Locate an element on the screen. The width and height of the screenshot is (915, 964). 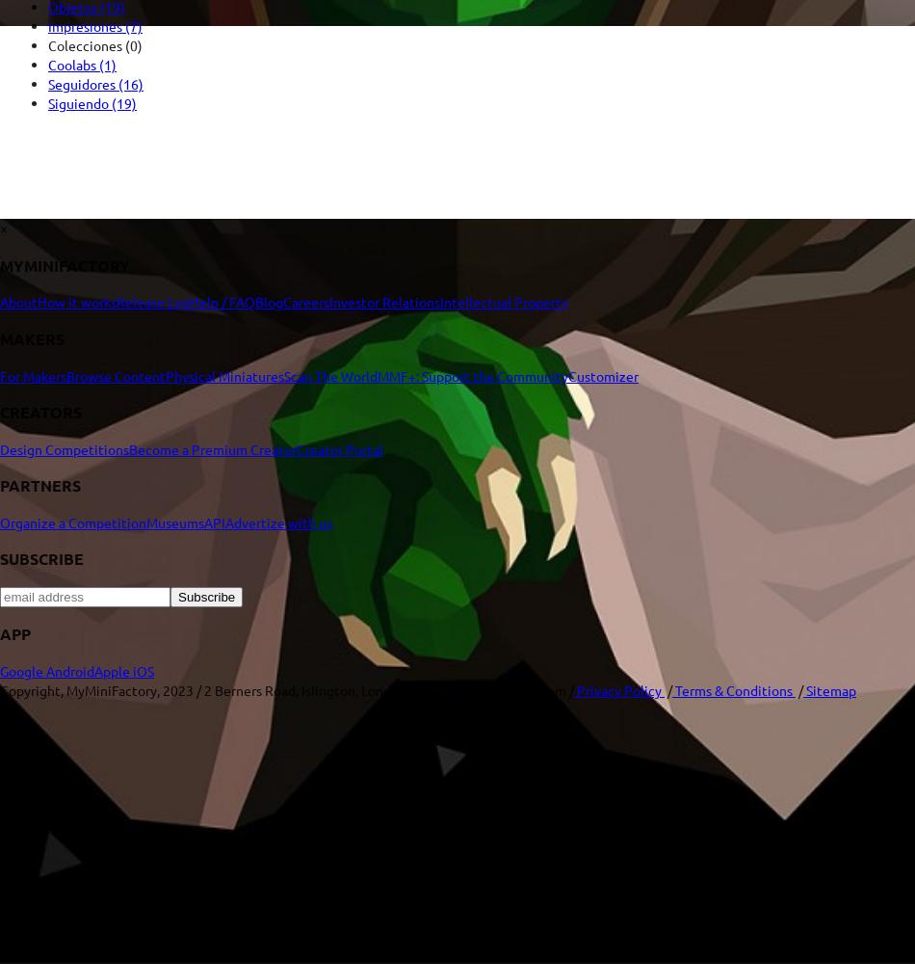
'Coolabs (1)' is located at coordinates (82, 64).